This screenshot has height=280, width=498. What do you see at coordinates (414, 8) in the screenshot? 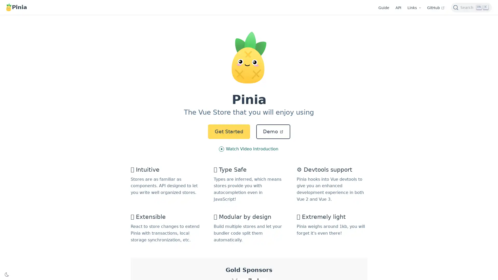
I see `Links` at bounding box center [414, 8].